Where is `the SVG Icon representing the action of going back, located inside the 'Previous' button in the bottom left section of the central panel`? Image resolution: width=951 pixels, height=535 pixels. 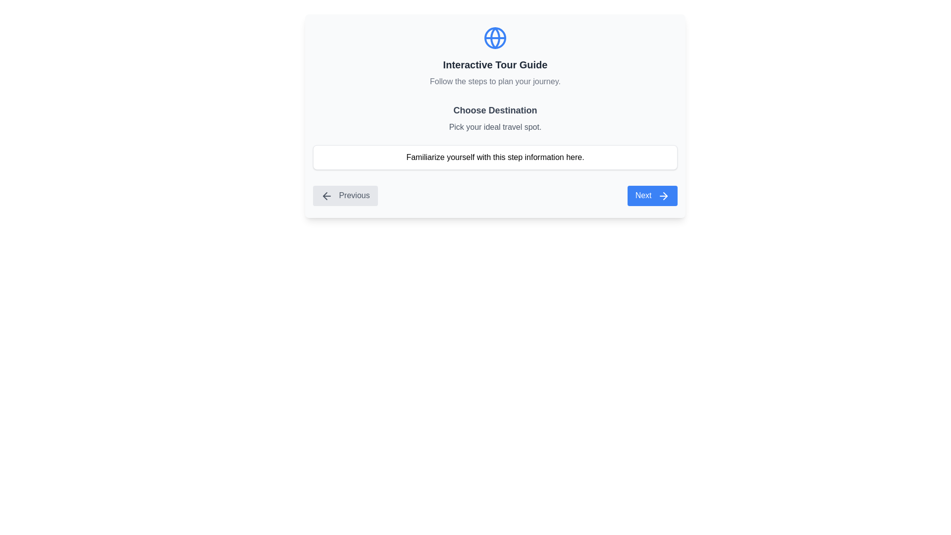
the SVG Icon representing the action of going back, located inside the 'Previous' button in the bottom left section of the central panel is located at coordinates (327, 195).